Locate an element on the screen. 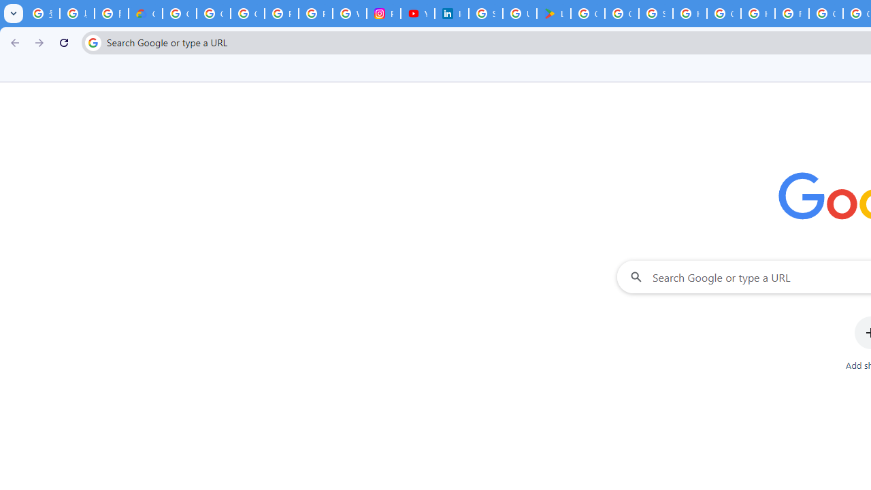 The width and height of the screenshot is (871, 490). 'System' is located at coordinates (7, 7).